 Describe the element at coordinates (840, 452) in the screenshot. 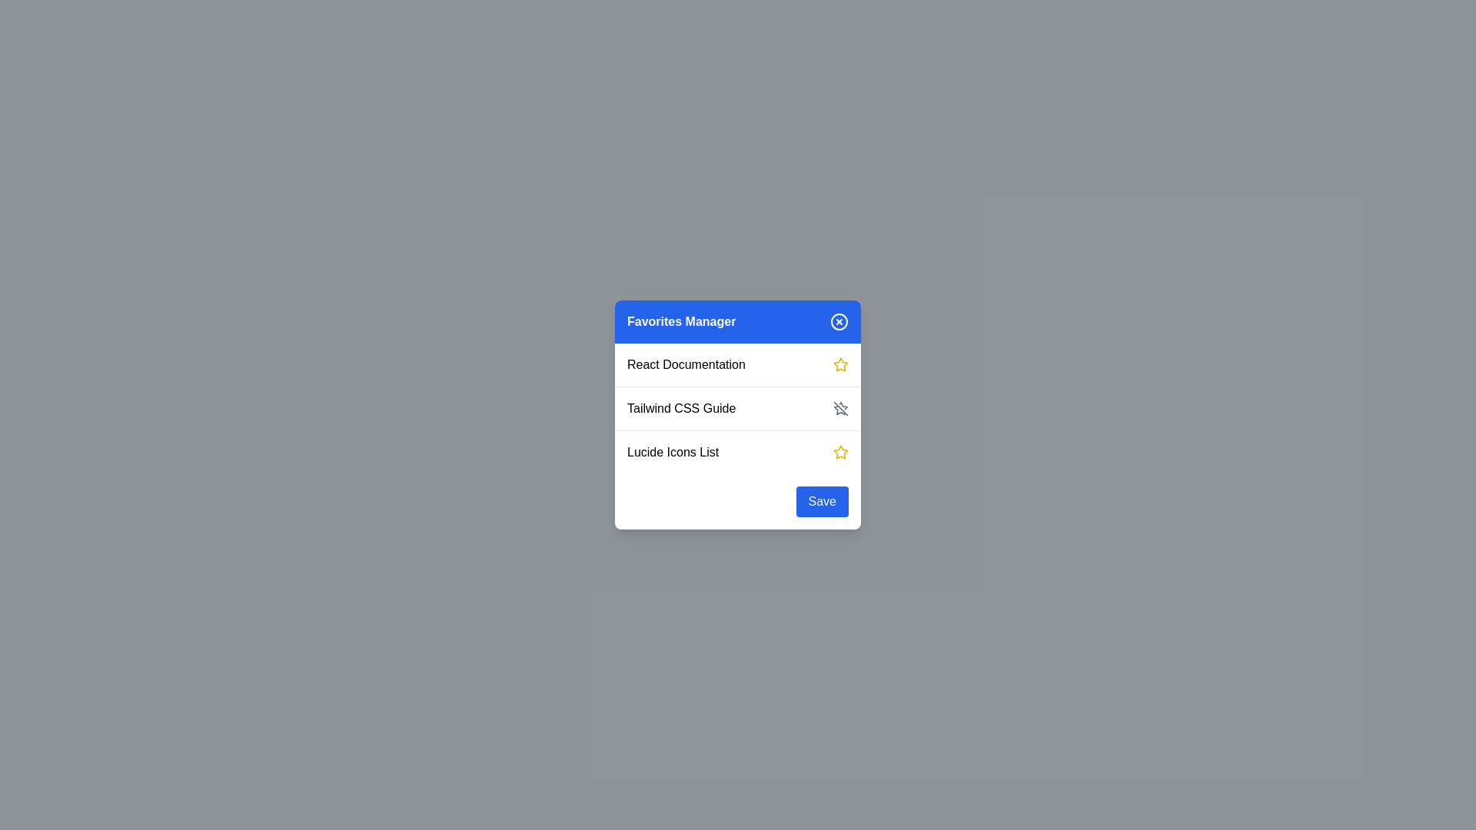

I see `the star icon to toggle the favorite status of the item Lucide Icons List` at that location.